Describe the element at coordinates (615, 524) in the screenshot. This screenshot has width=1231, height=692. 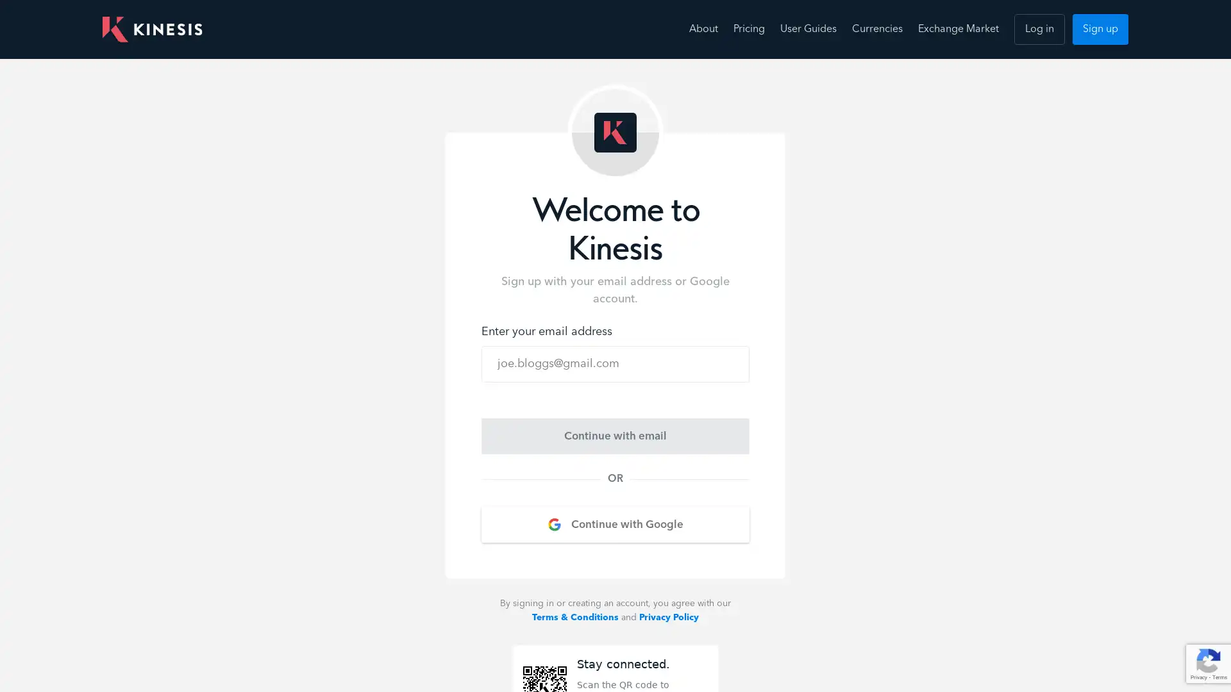
I see `Continue with Google` at that location.